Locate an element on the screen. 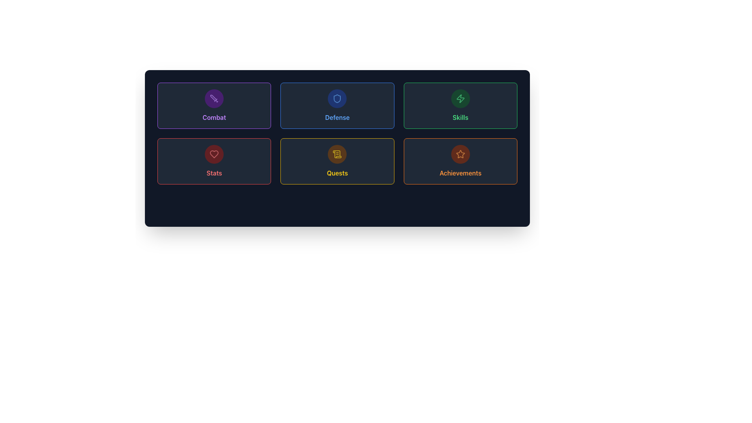  the 'Defense' text label, which is displayed in a bold blue font on a dark background, located in the middle card of the top row among a set of six cards is located at coordinates (337, 117).